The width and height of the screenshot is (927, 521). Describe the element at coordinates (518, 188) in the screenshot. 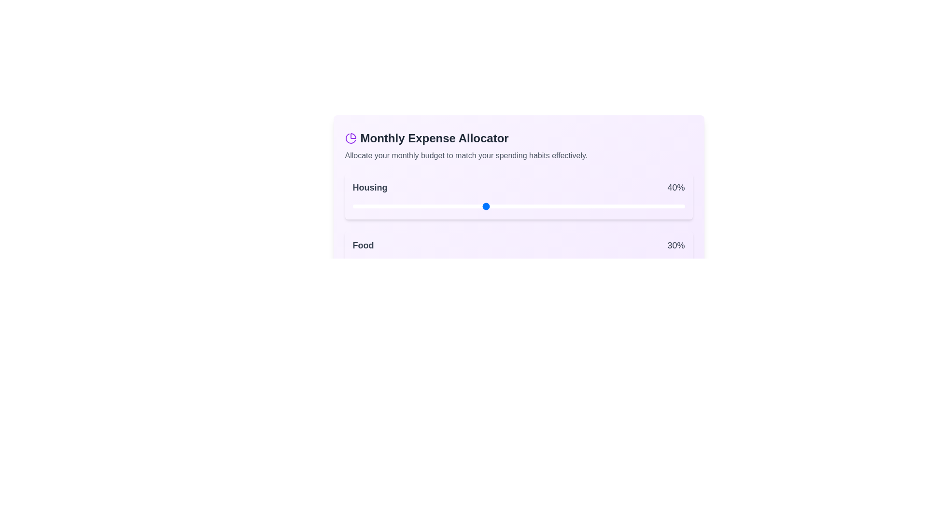

I see `the Text label displaying 'Housing' with the percentage '40%' positioned above the slider control` at that location.